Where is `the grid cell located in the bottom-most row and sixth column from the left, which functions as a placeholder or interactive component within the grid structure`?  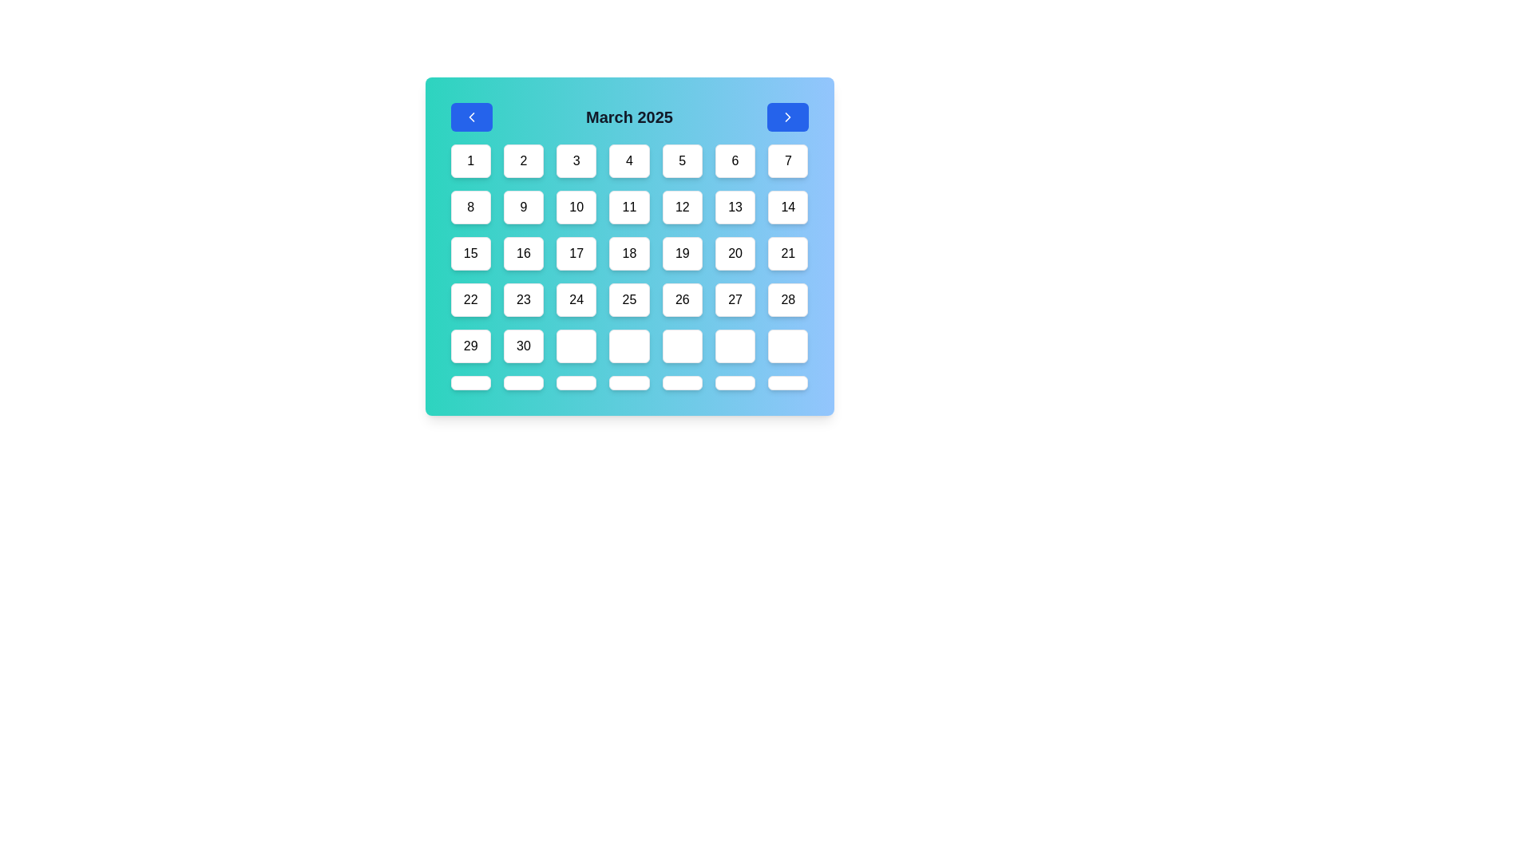 the grid cell located in the bottom-most row and sixth column from the left, which functions as a placeholder or interactive component within the grid structure is located at coordinates (735, 382).